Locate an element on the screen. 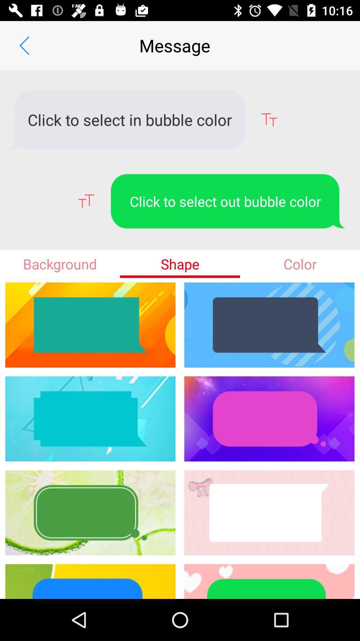 The image size is (360, 641). the font icon is located at coordinates (269, 120).